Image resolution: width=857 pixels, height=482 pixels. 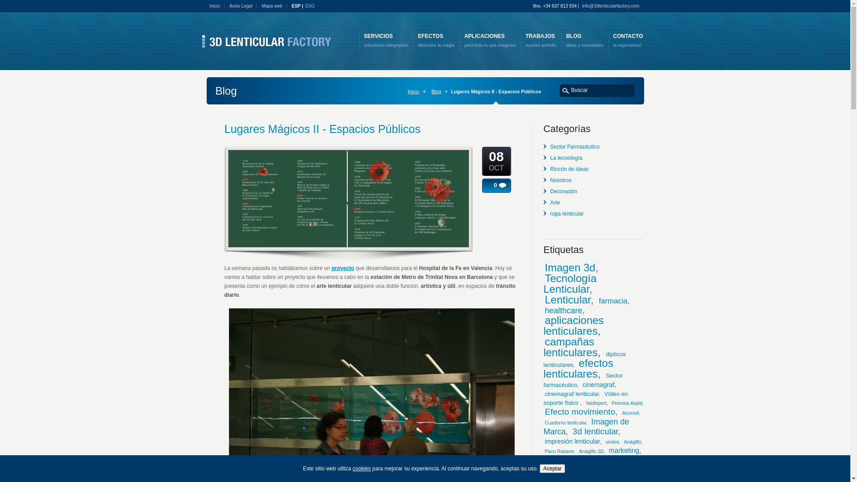 I want to click on 'Blog', so click(x=438, y=91).